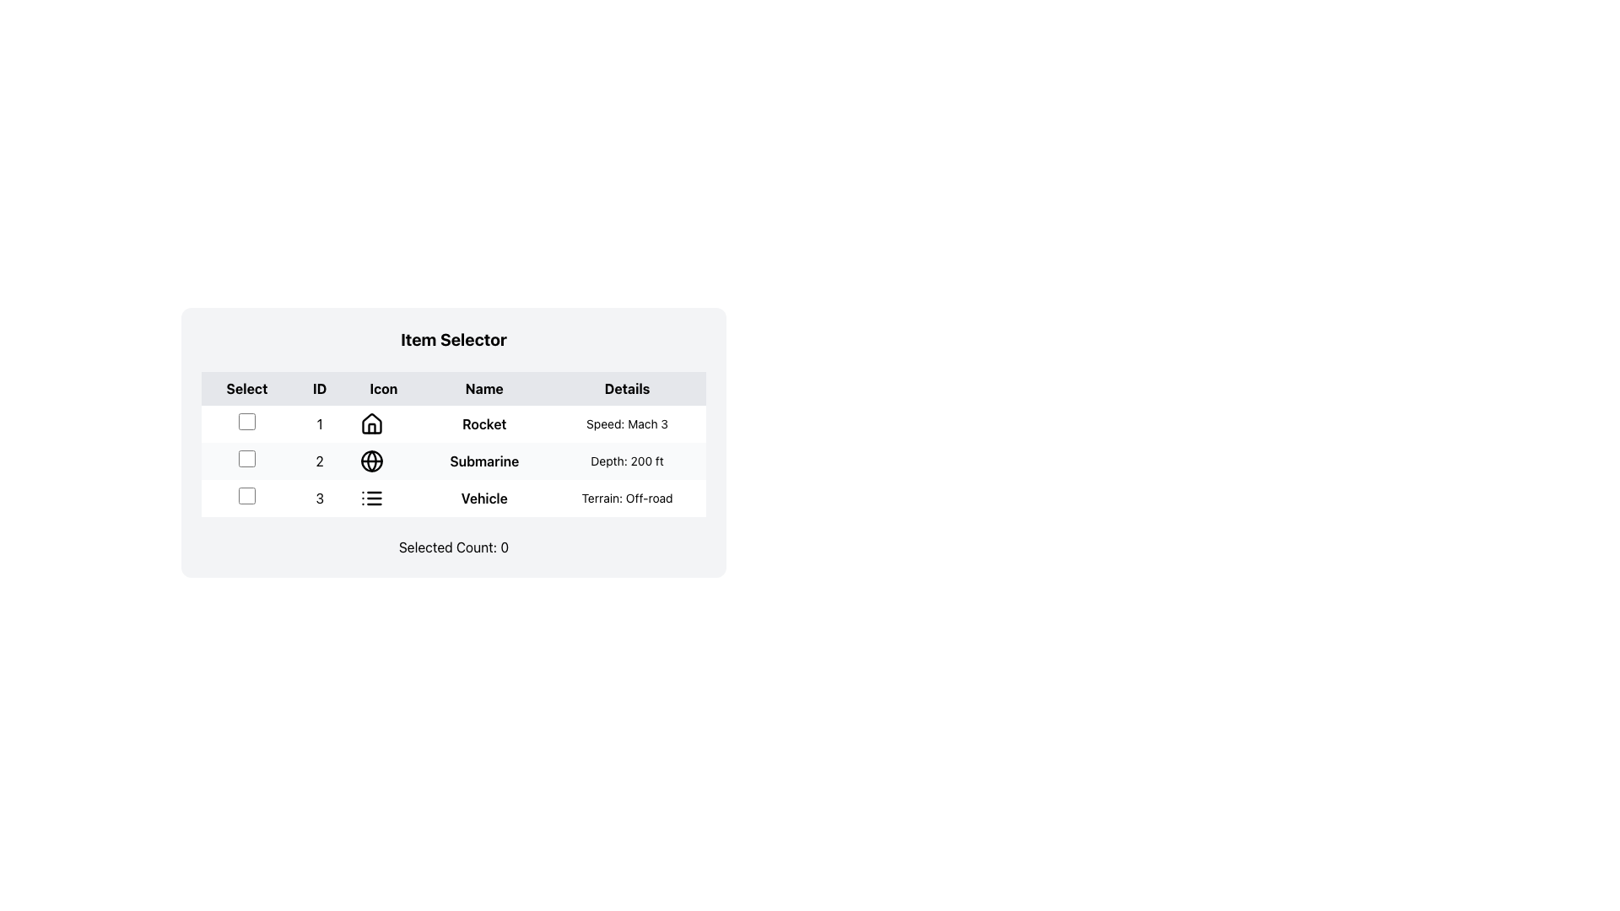 This screenshot has width=1620, height=911. I want to click on the second table row containing 'Rocket', 'Submarine', and 'Vehicle' to select it, so click(453, 461).